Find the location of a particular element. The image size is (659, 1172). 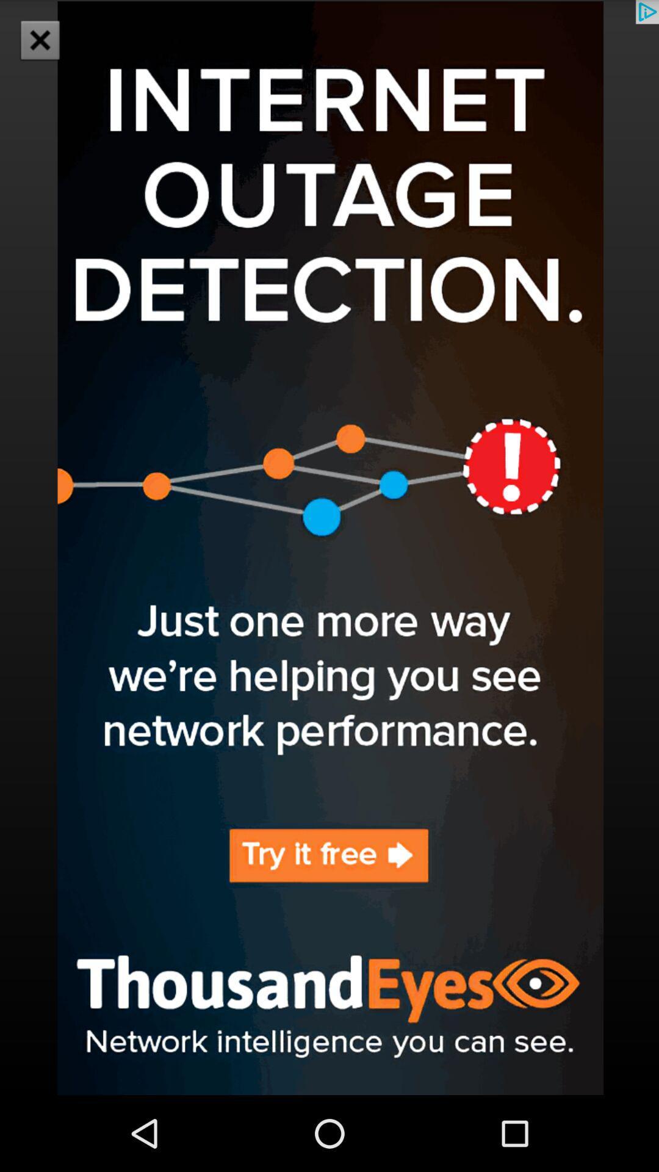

the close icon is located at coordinates (39, 43).